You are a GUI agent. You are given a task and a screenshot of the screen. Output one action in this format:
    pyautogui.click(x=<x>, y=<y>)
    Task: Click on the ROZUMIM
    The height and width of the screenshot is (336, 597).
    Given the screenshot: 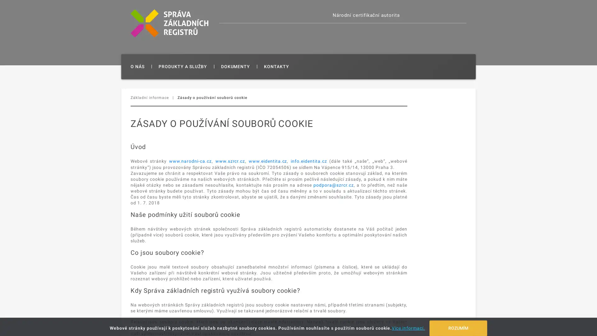 What is the action you would take?
    pyautogui.click(x=458, y=325)
    